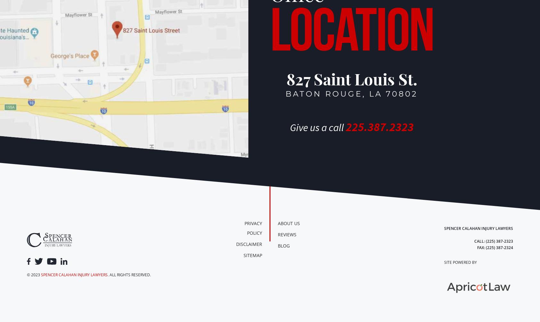 The height and width of the screenshot is (322, 540). Describe the element at coordinates (499, 241) in the screenshot. I see `'(225) 387-2323'` at that location.